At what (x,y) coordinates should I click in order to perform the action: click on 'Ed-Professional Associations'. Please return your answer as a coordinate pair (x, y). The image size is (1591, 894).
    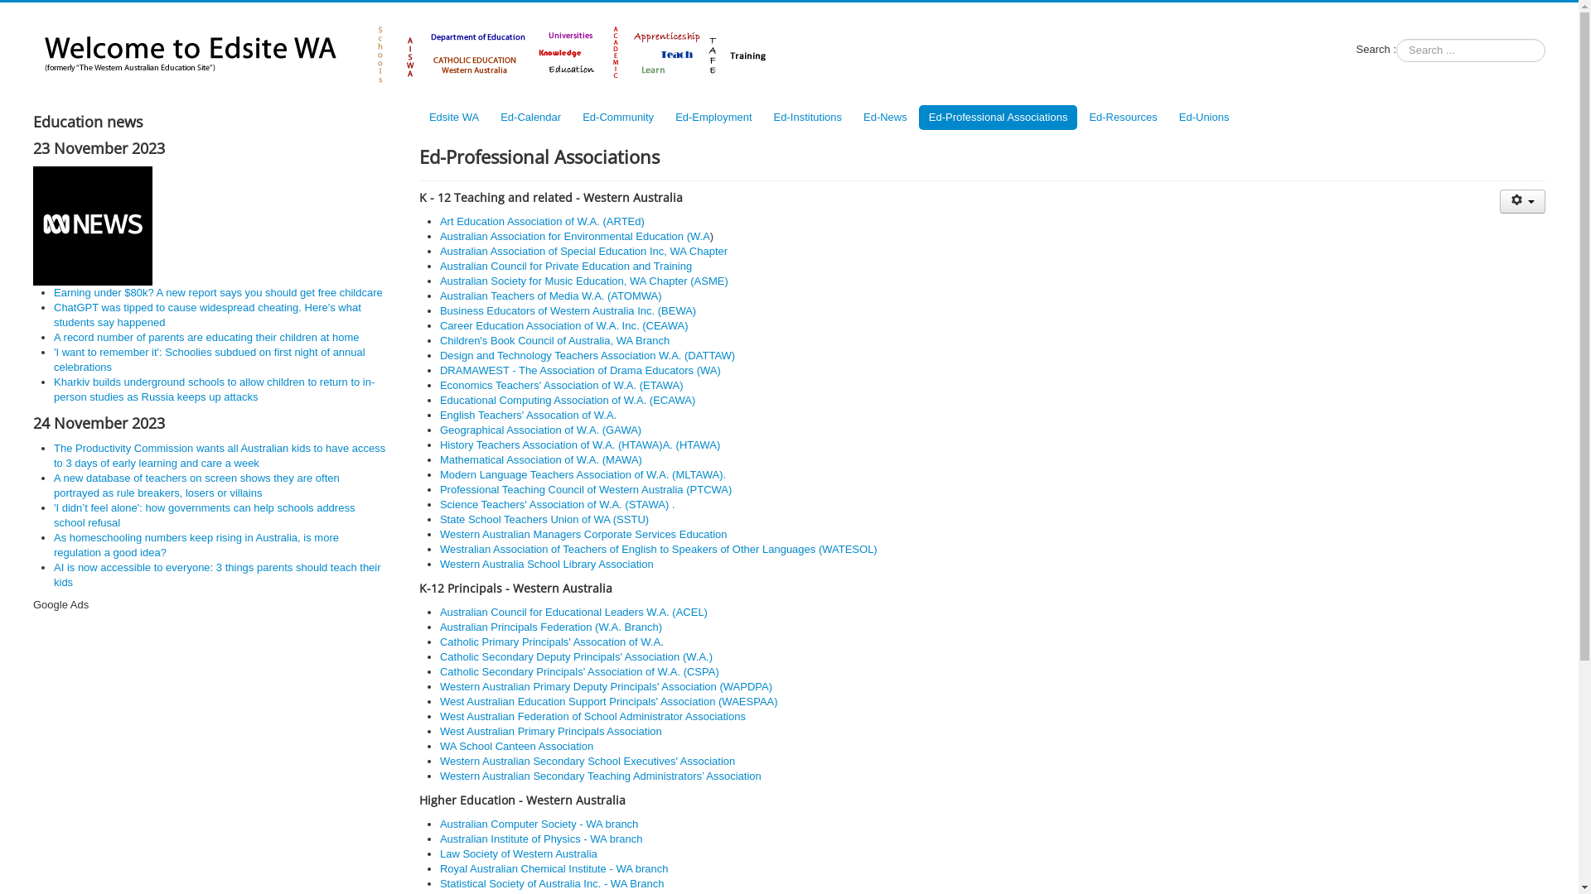
    Looking at the image, I should click on (997, 117).